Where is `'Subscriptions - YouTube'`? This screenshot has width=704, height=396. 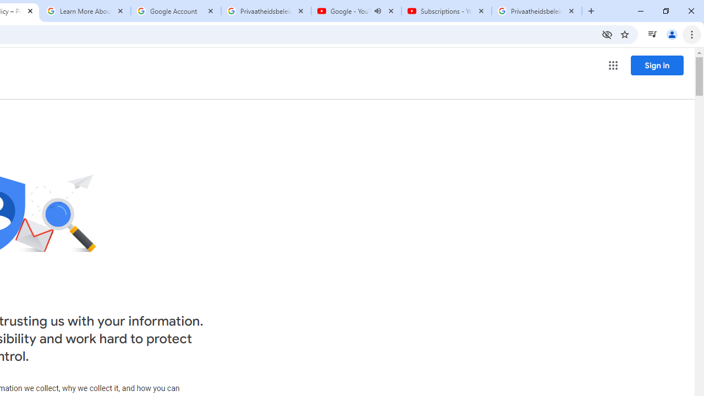 'Subscriptions - YouTube' is located at coordinates (446, 11).